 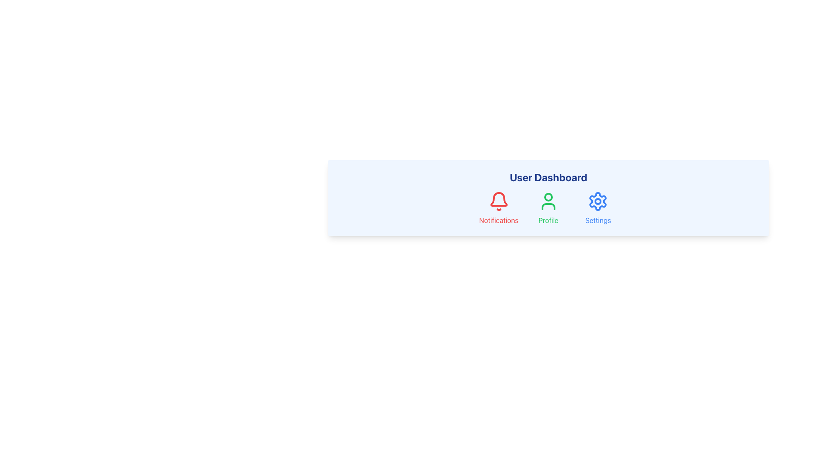 What do you see at coordinates (499, 220) in the screenshot?
I see `the clickable text label displaying 'Notifications' in red` at bounding box center [499, 220].